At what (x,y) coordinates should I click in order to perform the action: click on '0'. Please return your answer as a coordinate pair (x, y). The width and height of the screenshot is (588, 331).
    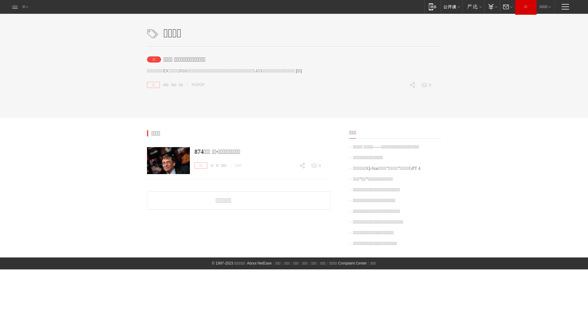
    Looking at the image, I should click on (430, 85).